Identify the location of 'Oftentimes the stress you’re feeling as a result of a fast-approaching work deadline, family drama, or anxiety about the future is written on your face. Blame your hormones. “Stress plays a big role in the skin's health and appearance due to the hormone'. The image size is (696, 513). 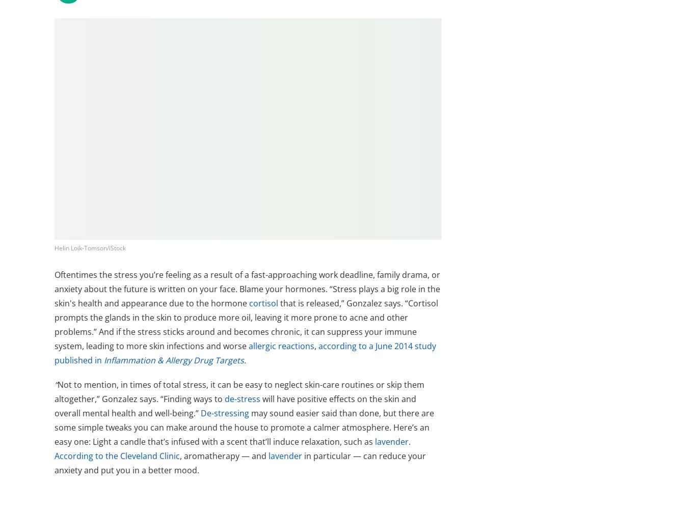
(247, 289).